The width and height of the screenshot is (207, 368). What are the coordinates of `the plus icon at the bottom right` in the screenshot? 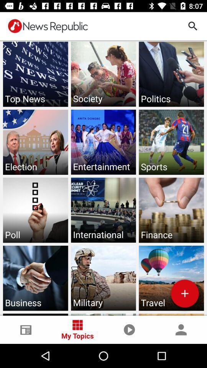 It's located at (184, 293).